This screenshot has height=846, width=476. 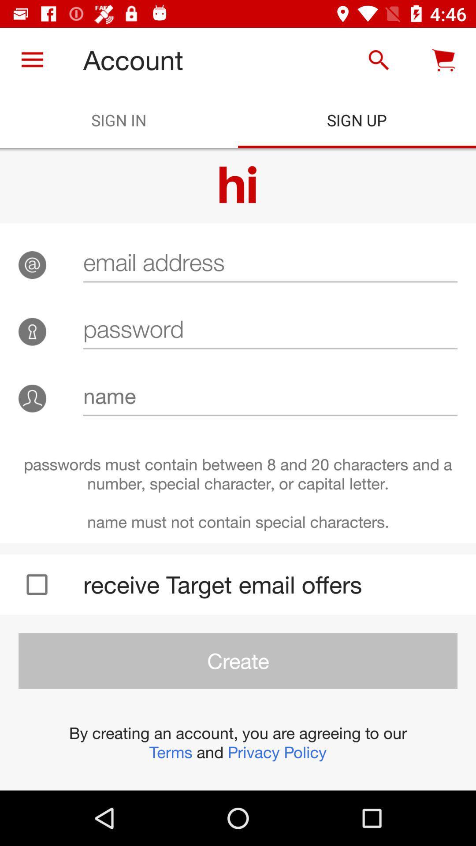 I want to click on icon to the right of account icon, so click(x=378, y=59).